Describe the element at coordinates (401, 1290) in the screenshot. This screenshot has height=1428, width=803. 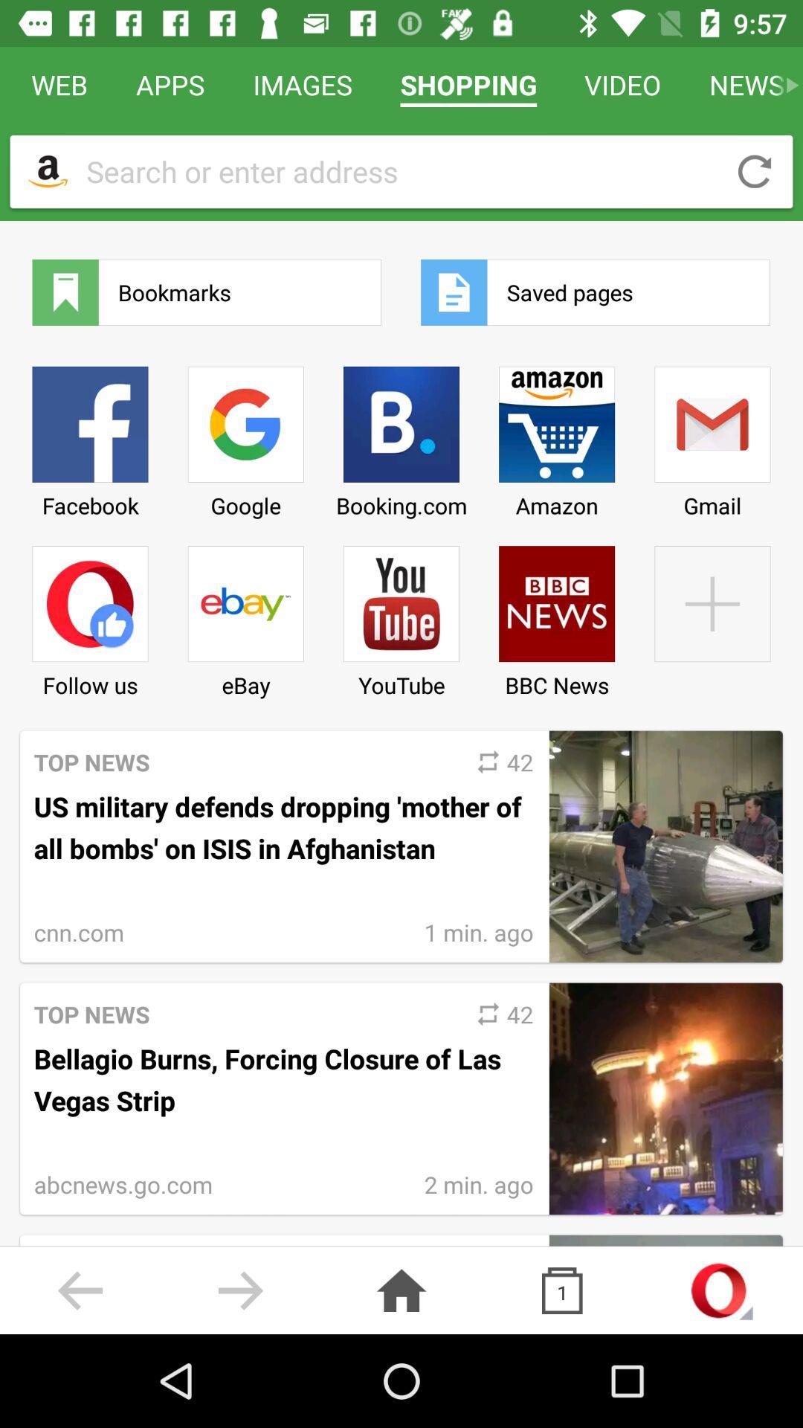
I see `the home icon` at that location.